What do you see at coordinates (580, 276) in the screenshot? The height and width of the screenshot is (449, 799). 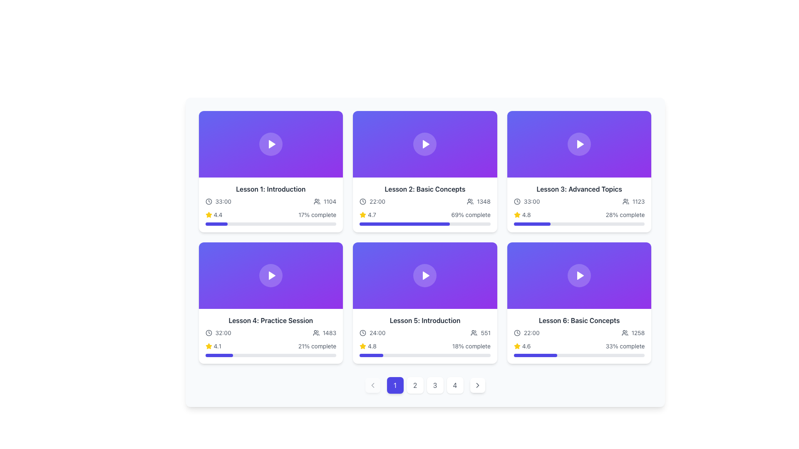 I see `the triangular play icon within the sixth lesson card ('Lesson 6: Basic Concepts')` at bounding box center [580, 276].